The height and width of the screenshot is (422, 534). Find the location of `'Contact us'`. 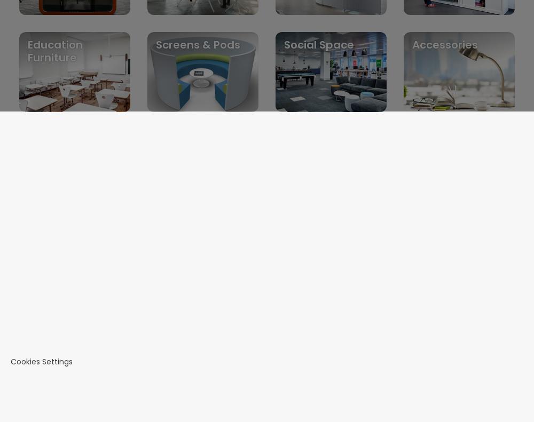

'Contact us' is located at coordinates (32, 248).